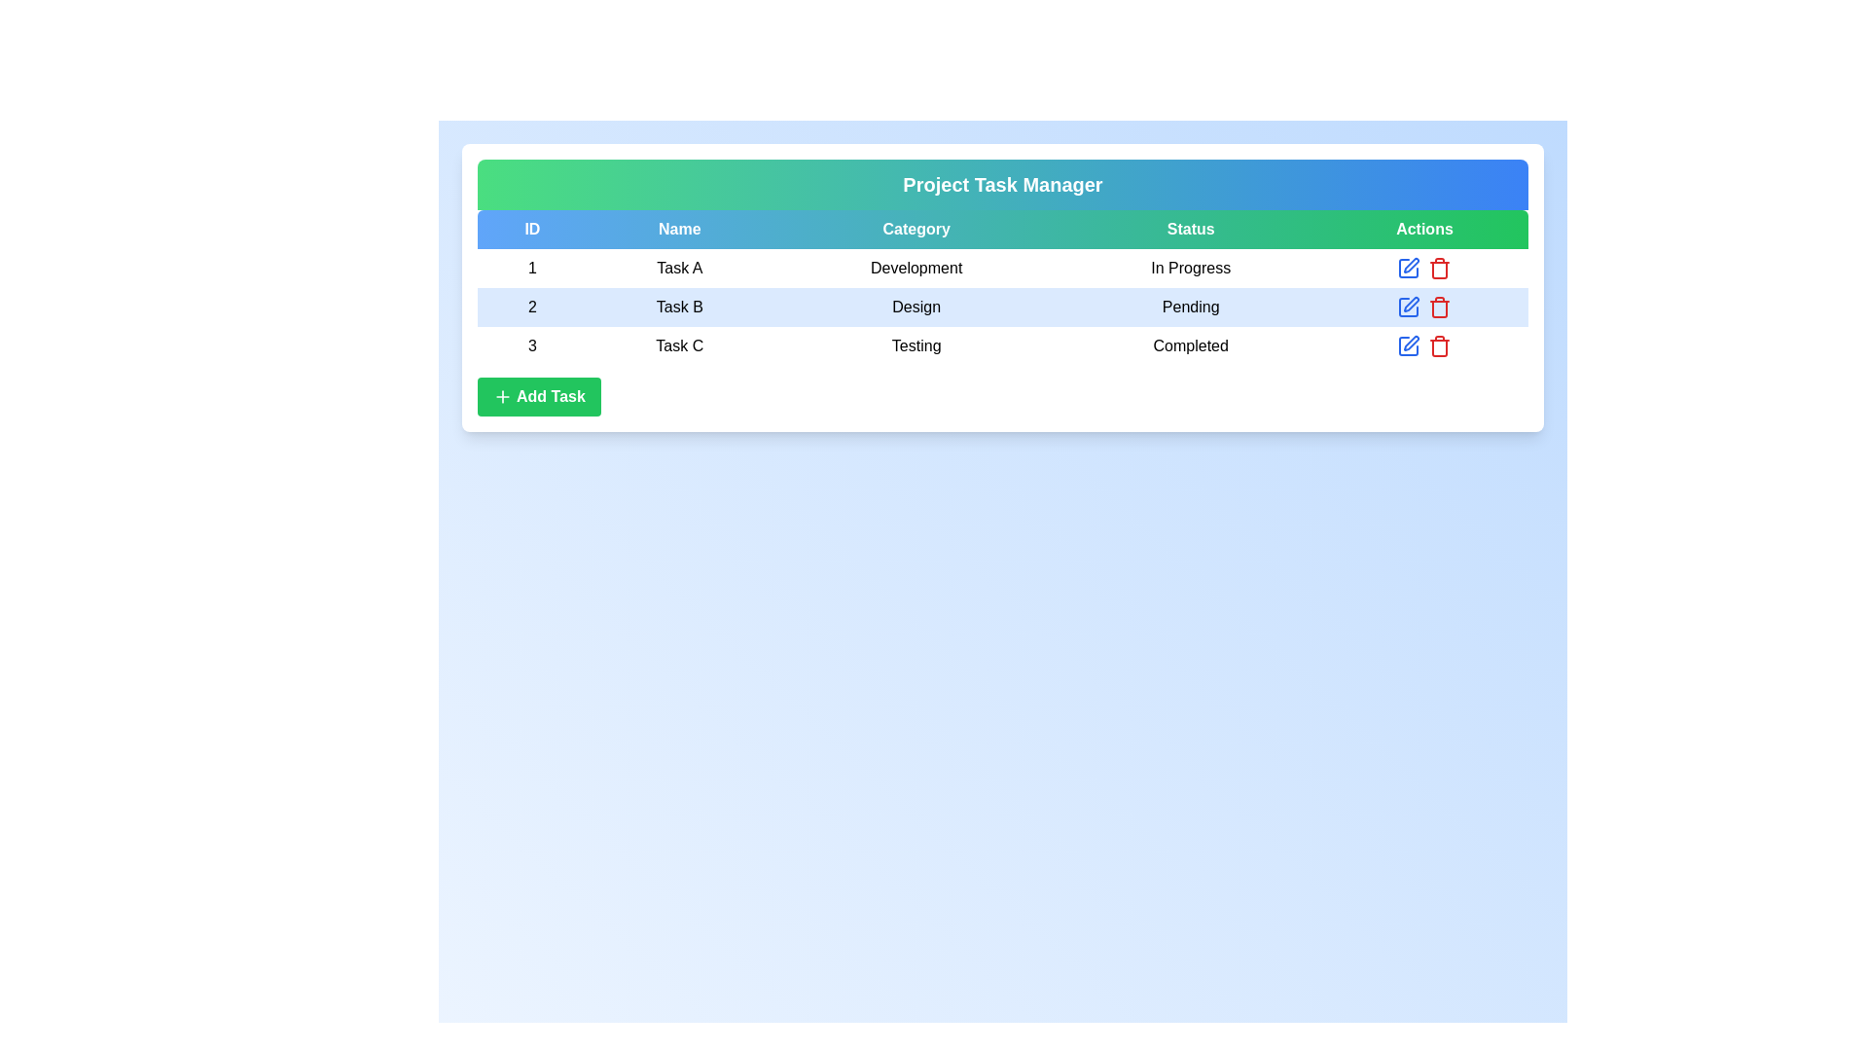  Describe the element at coordinates (532, 228) in the screenshot. I see `the header labeled 'ID' to sort the table by that column` at that location.